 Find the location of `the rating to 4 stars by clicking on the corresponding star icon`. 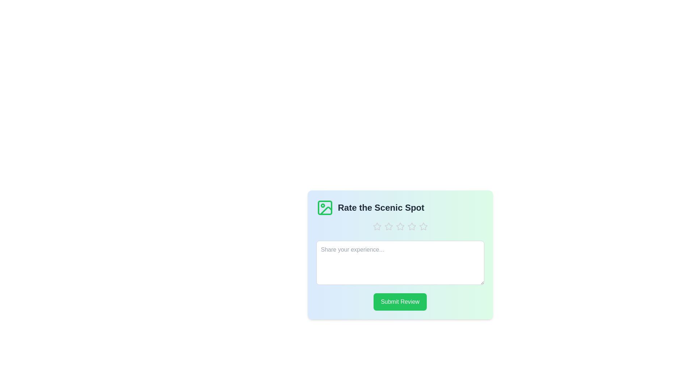

the rating to 4 stars by clicking on the corresponding star icon is located at coordinates (412, 226).